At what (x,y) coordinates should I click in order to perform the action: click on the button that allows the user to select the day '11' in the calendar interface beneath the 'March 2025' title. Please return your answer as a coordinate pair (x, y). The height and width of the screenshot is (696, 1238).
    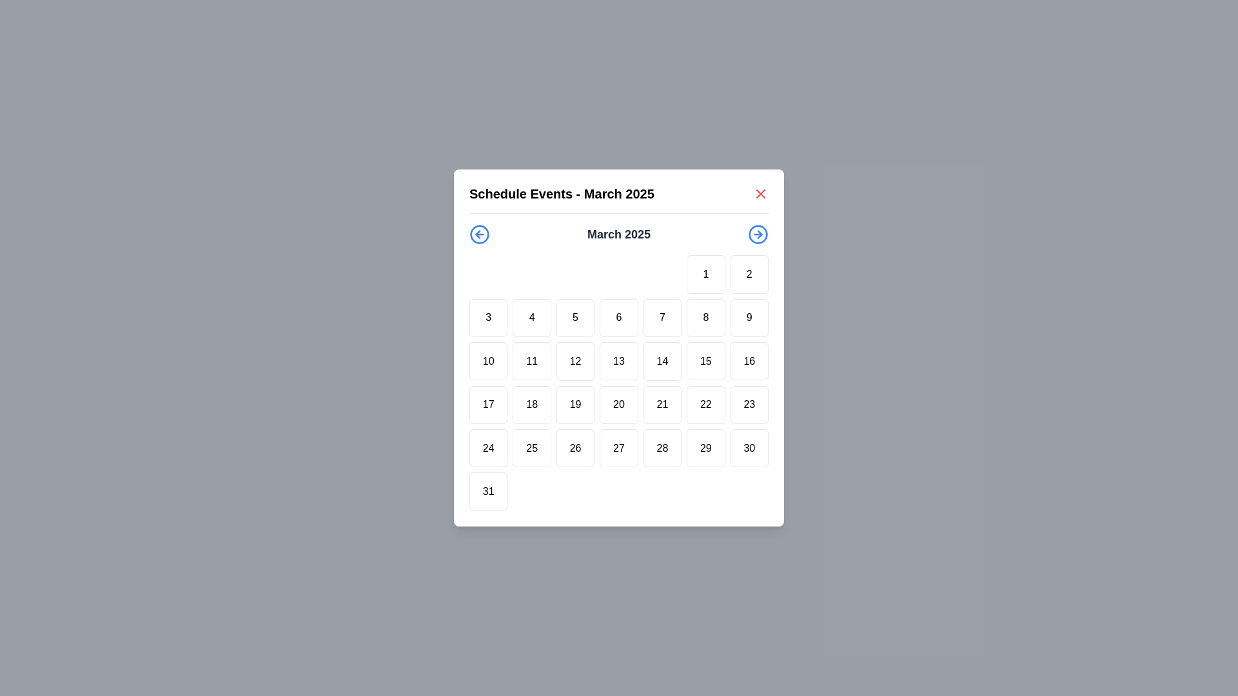
    Looking at the image, I should click on (532, 361).